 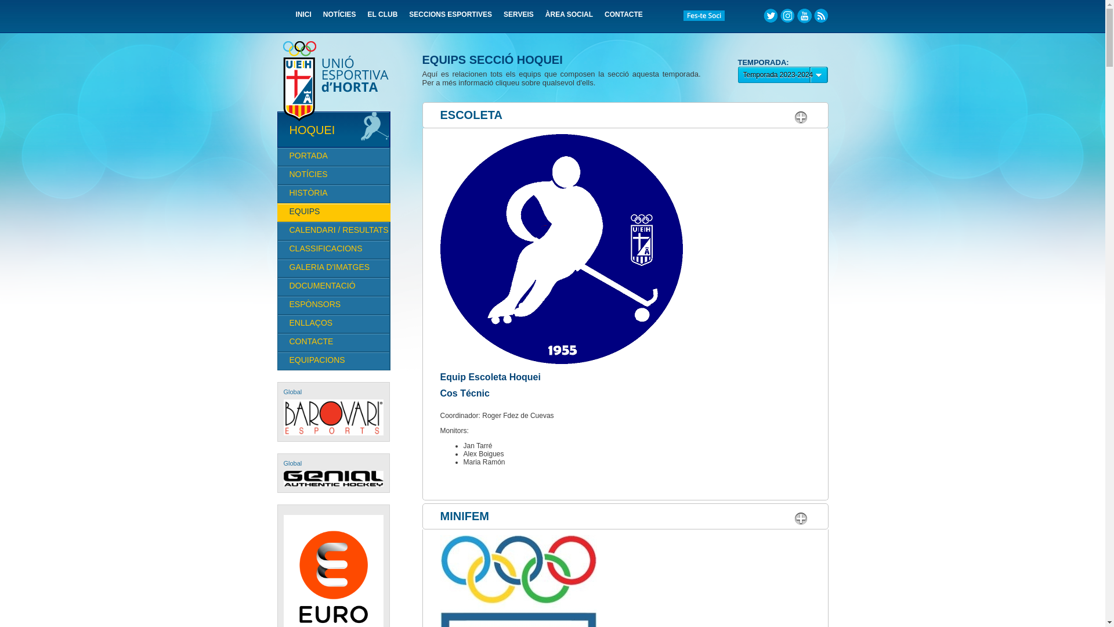 What do you see at coordinates (518, 18) in the screenshot?
I see `'SERVEIS'` at bounding box center [518, 18].